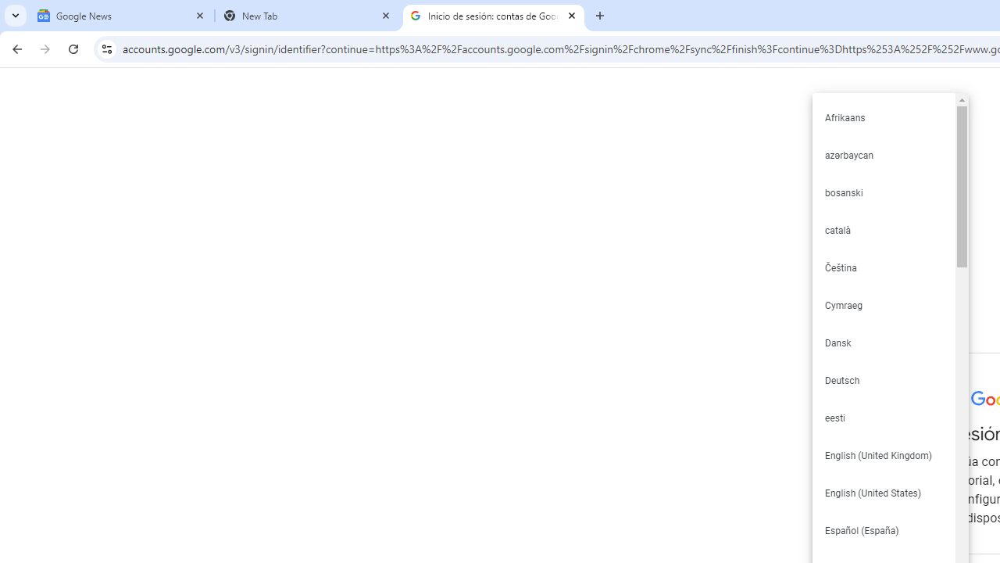 Image resolution: width=1000 pixels, height=563 pixels. Describe the element at coordinates (883, 493) in the screenshot. I see `'English (United States)'` at that location.